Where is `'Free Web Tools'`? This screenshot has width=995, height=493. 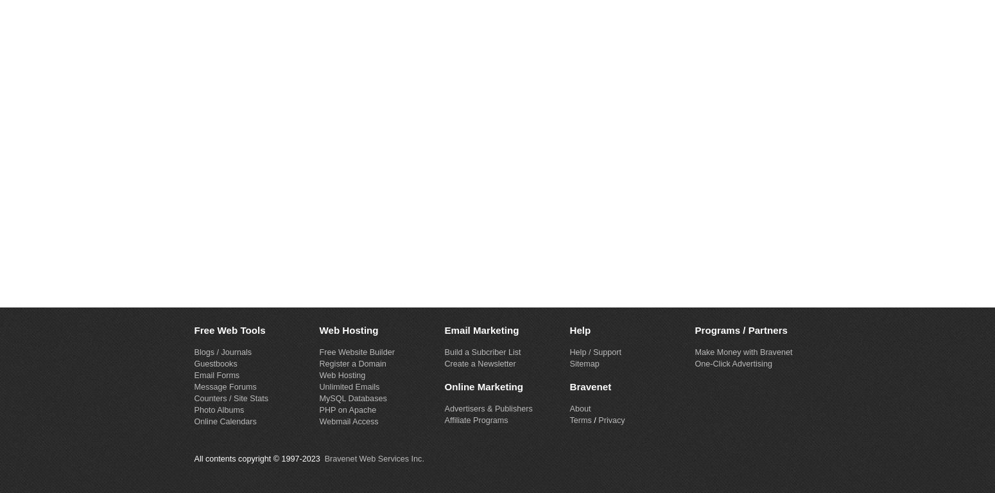 'Free Web Tools' is located at coordinates (229, 329).